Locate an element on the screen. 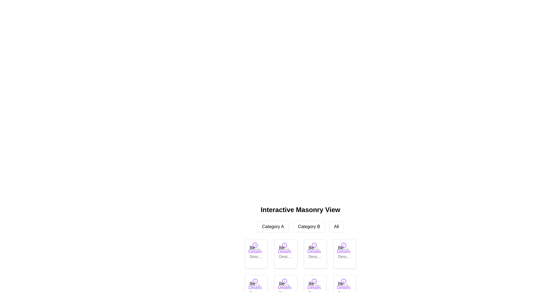 The image size is (533, 299). the largest circle in the SVG icon located in the second row, fourth column, which serves as a background or significant part of the icon is located at coordinates (285, 281).